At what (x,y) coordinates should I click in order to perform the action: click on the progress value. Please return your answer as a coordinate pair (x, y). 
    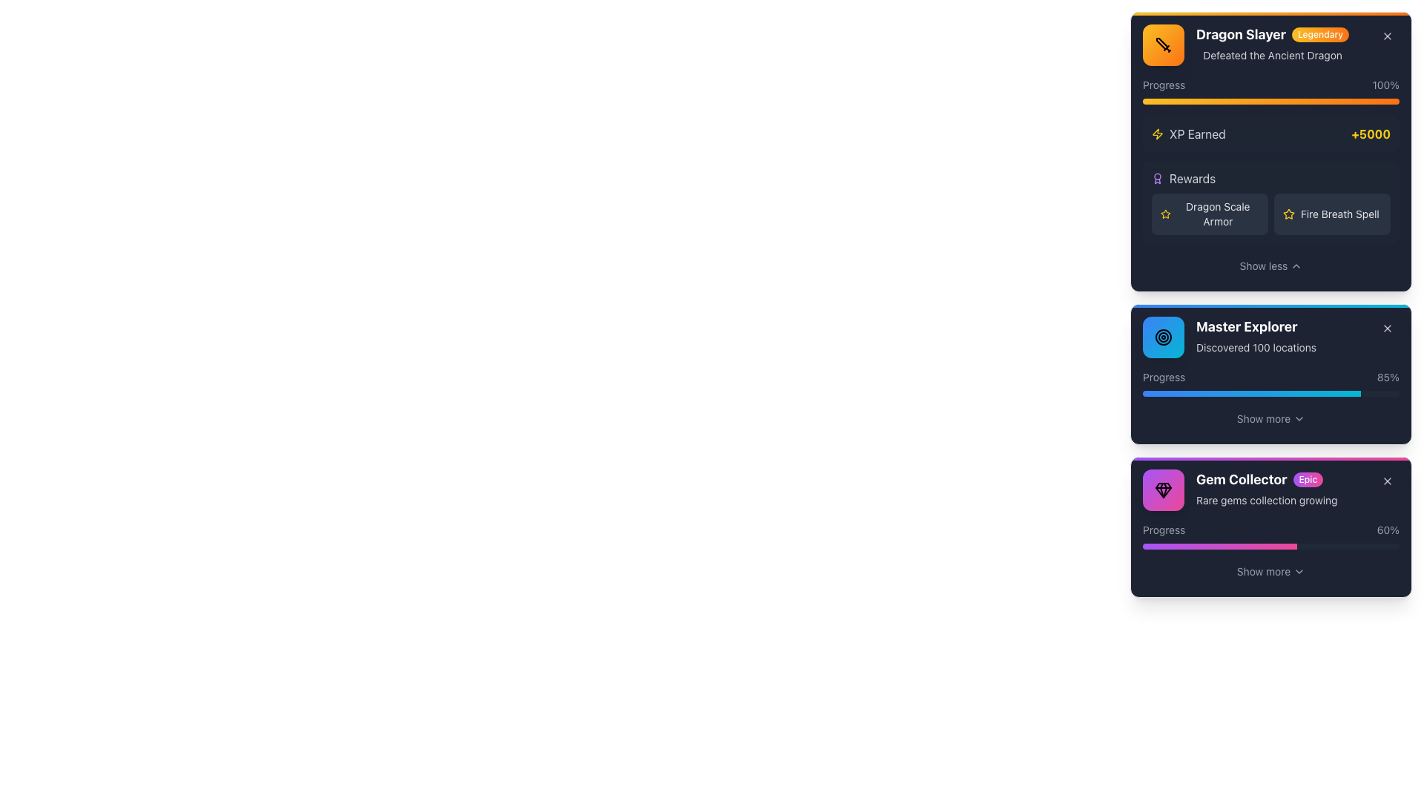
    Looking at the image, I should click on (1198, 546).